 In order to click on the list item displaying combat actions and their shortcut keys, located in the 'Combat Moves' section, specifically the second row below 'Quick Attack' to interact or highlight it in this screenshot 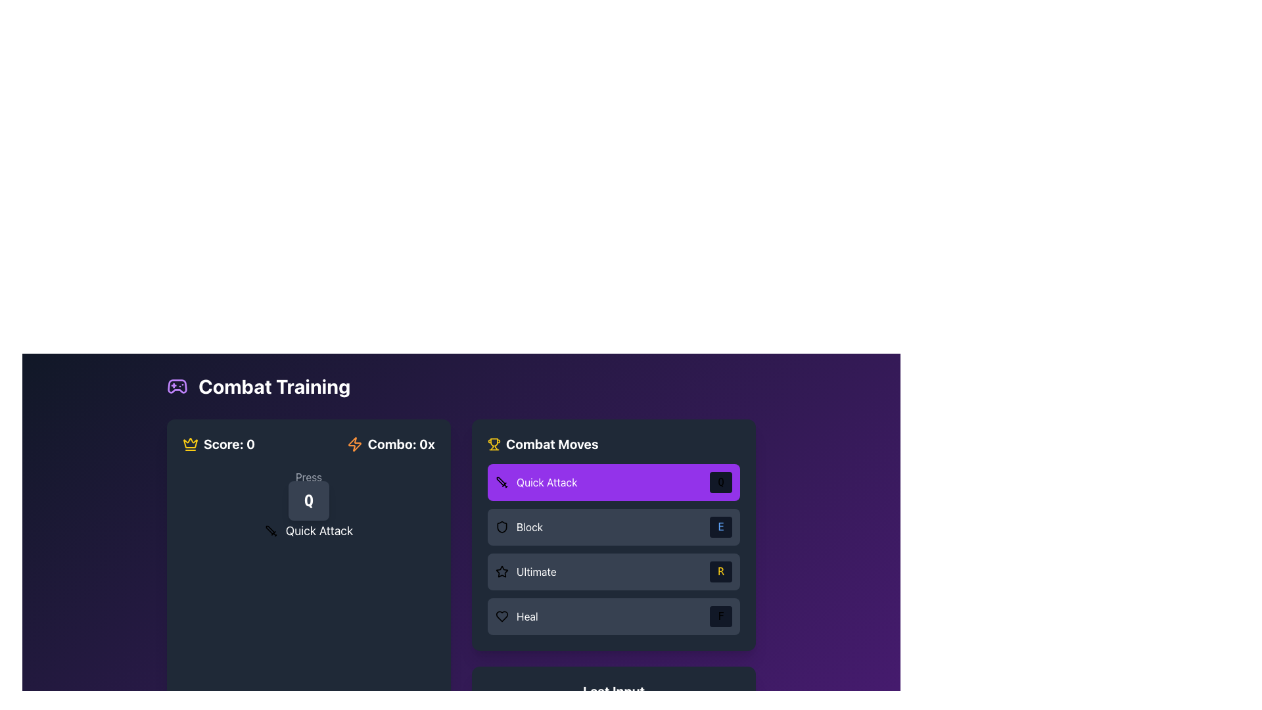, I will do `click(613, 534)`.